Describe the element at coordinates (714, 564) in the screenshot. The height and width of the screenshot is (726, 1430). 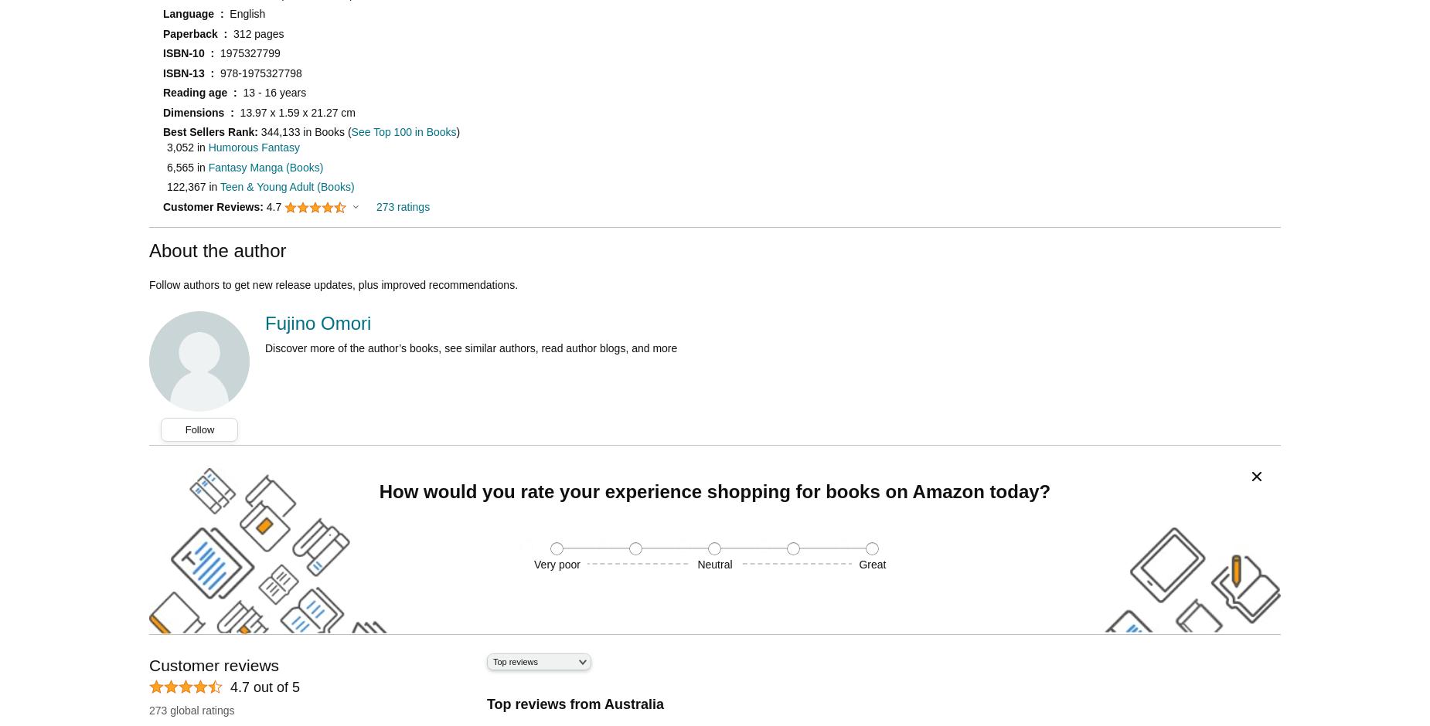
I see `'Neutral'` at that location.